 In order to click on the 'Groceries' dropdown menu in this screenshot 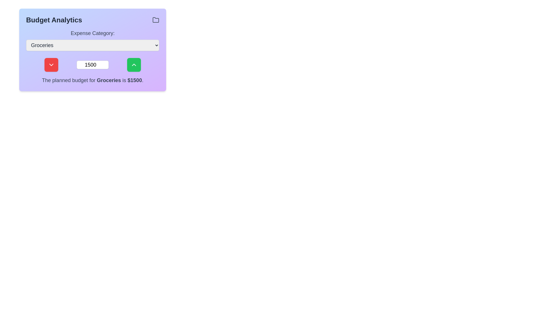, I will do `click(92, 45)`.